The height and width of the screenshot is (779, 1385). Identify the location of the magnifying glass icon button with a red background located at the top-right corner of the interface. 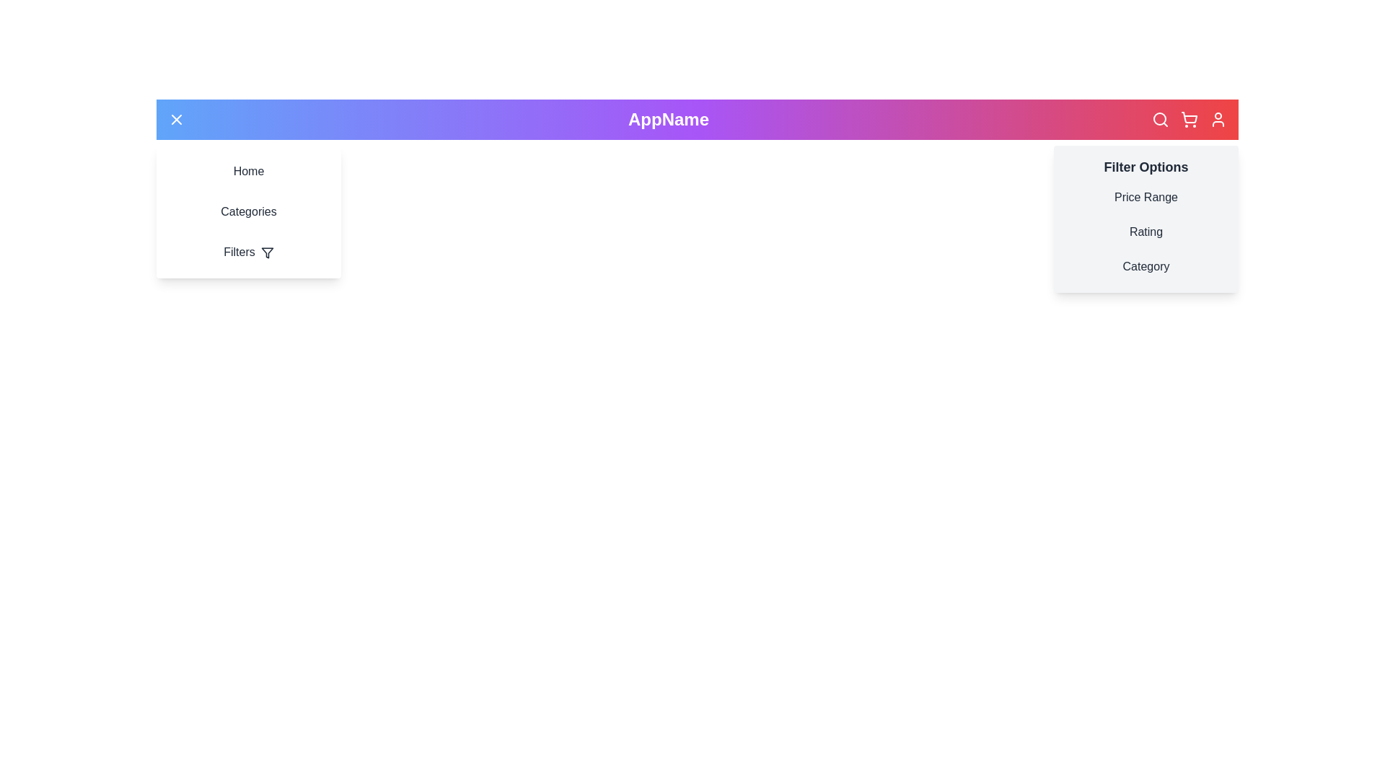
(1160, 118).